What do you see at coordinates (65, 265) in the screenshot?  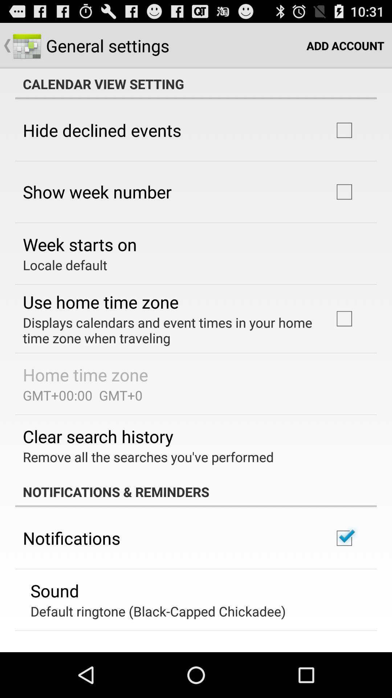 I see `the icon below the week starts on` at bounding box center [65, 265].